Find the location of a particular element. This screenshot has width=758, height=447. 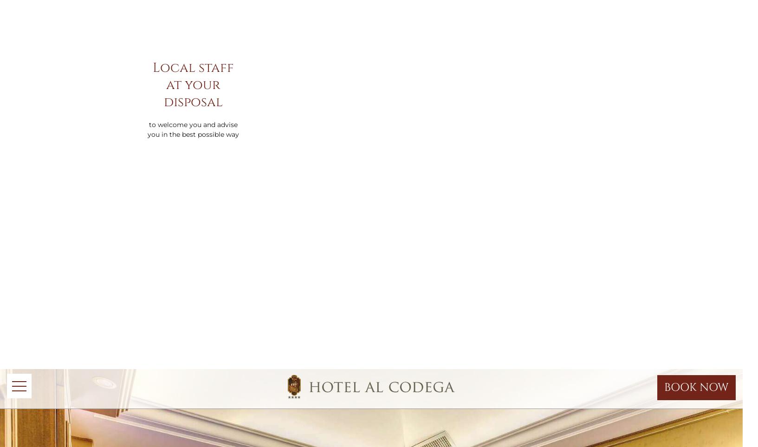

'-' is located at coordinates (552, 70).